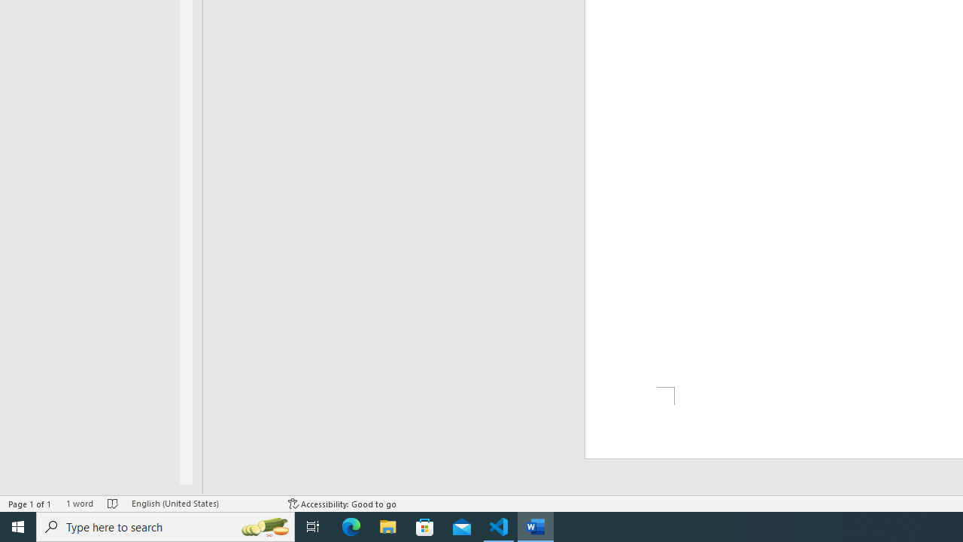 This screenshot has width=963, height=542. I want to click on 'Page Number Page 1 of 1', so click(30, 504).